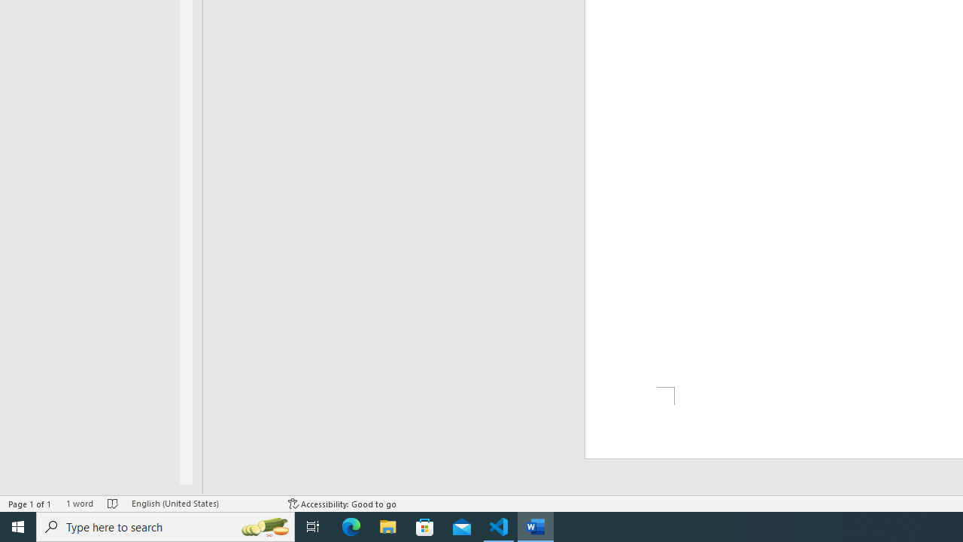 This screenshot has width=963, height=542. I want to click on 'Page Number Page 1 of 1', so click(30, 504).